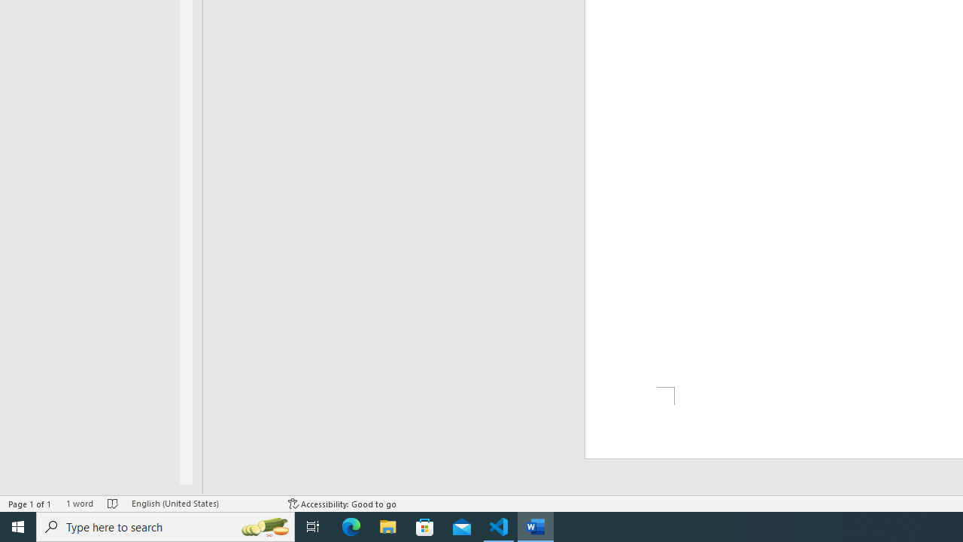 This screenshot has width=963, height=542. I want to click on 'Page Number Page 1 of 1', so click(30, 504).